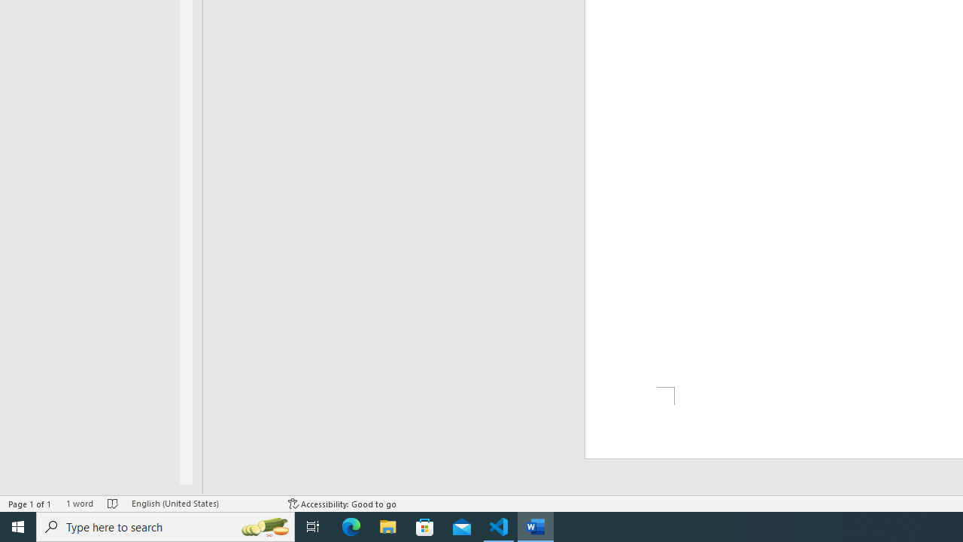 This screenshot has width=963, height=542. I want to click on 'Page Number Page 1 of 1', so click(30, 504).